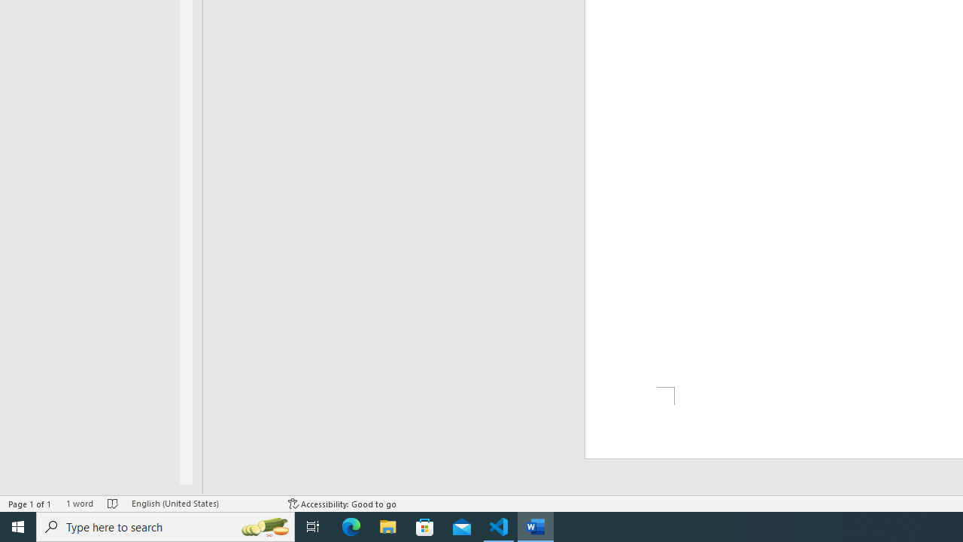 This screenshot has width=963, height=542. I want to click on 'Page Number Page 1 of 1', so click(30, 504).